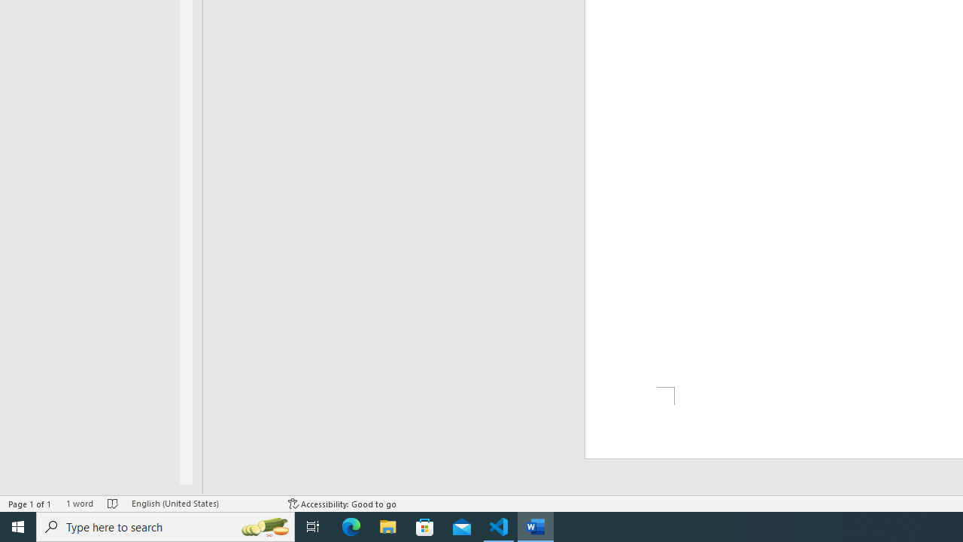 This screenshot has width=963, height=542. I want to click on 'Page Number Page 1 of 1', so click(30, 504).